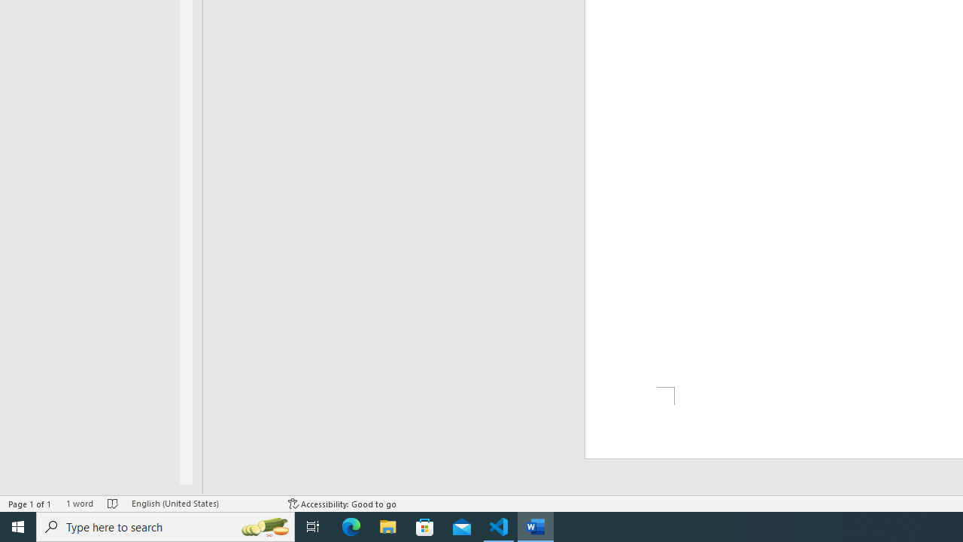 This screenshot has width=963, height=542. I want to click on 'Page Number Page 1 of 1', so click(30, 504).